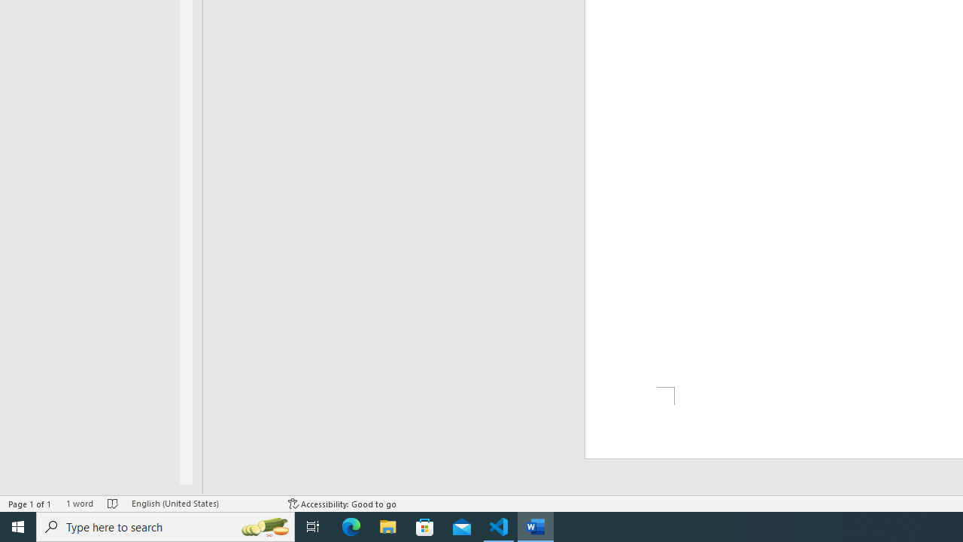 This screenshot has width=963, height=542. I want to click on 'Page Number Page 1 of 1', so click(30, 504).